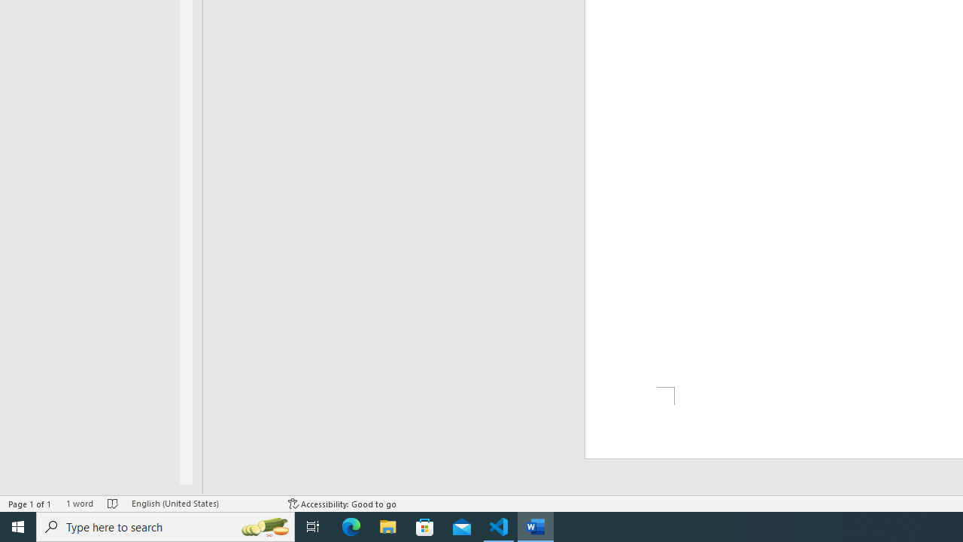 This screenshot has width=963, height=542. I want to click on 'Page Number Page 1 of 1', so click(30, 504).